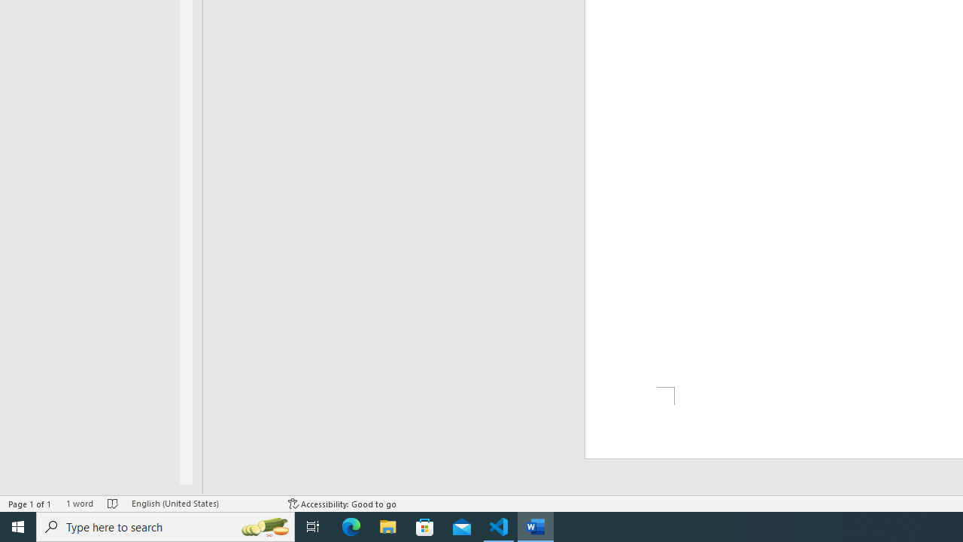 This screenshot has width=963, height=542. I want to click on 'Page Number Page 1 of 1', so click(30, 504).